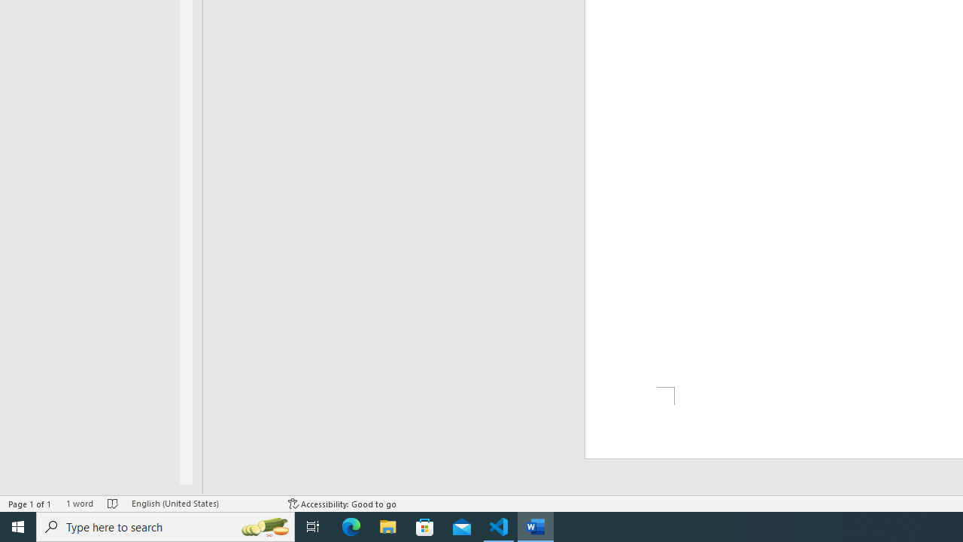 This screenshot has width=963, height=542. I want to click on 'Page Number Page 1 of 1', so click(30, 504).